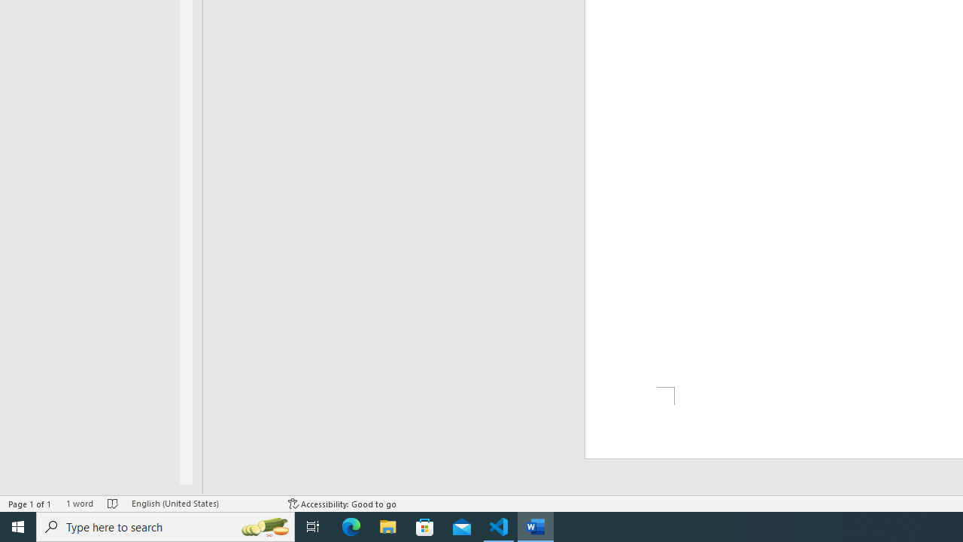 This screenshot has width=963, height=542. I want to click on 'Page Number Page 1 of 1', so click(30, 504).